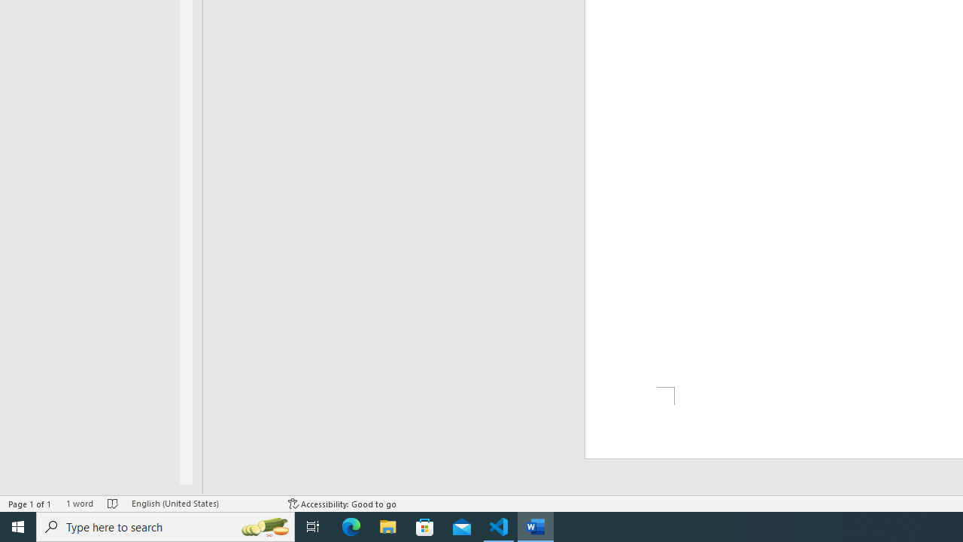 This screenshot has width=963, height=542. I want to click on 'Page Number Page 1 of 1', so click(30, 504).